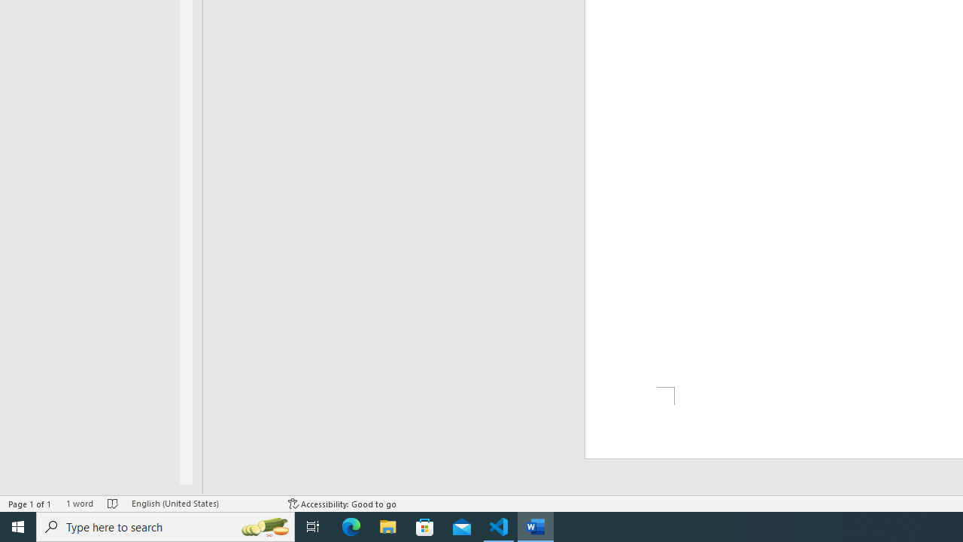 This screenshot has width=963, height=542. I want to click on 'Page Number Page 1 of 1', so click(30, 504).